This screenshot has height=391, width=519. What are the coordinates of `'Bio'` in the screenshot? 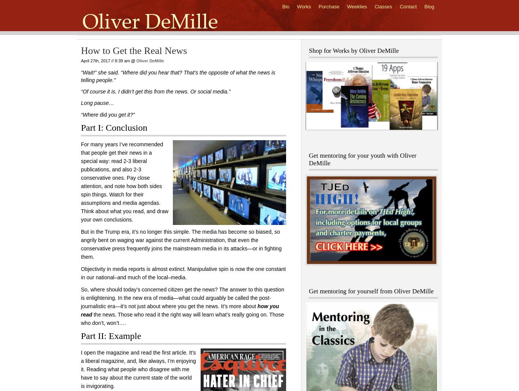 It's located at (285, 6).